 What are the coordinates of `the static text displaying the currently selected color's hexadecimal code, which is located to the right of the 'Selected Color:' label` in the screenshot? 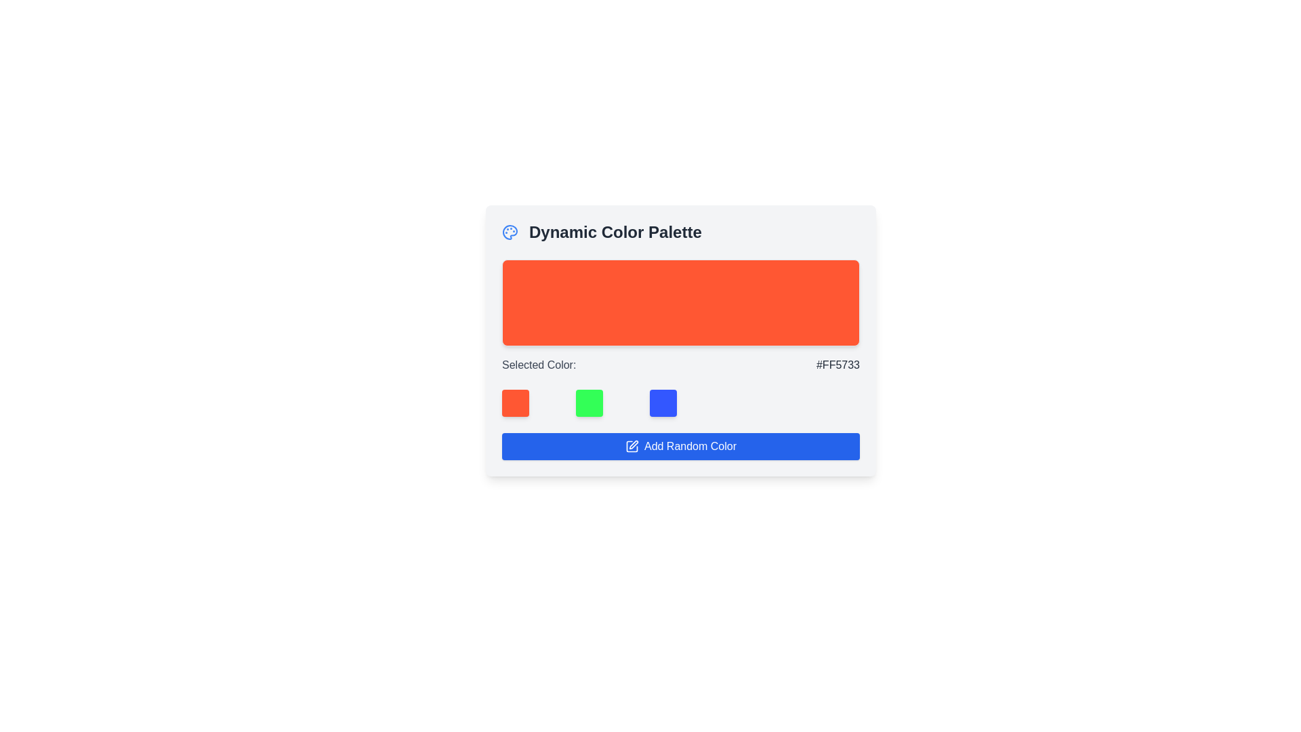 It's located at (838, 365).